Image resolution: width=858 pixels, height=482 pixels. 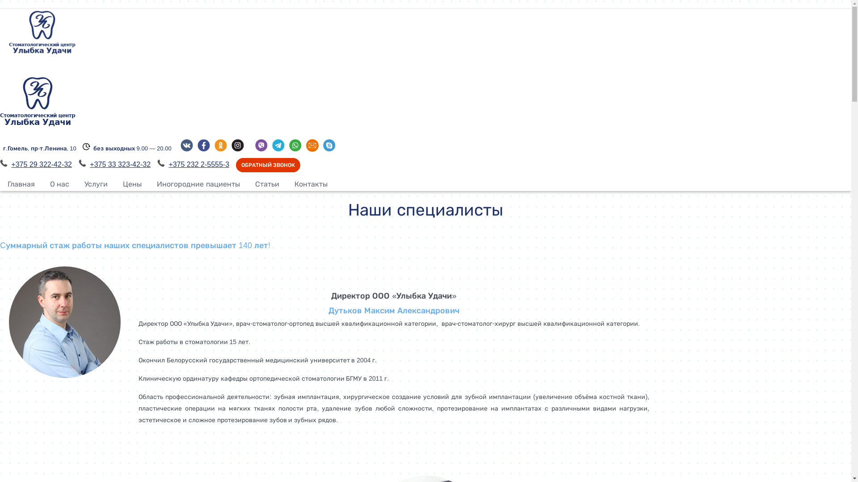 I want to click on 'Instagram', so click(x=238, y=148).